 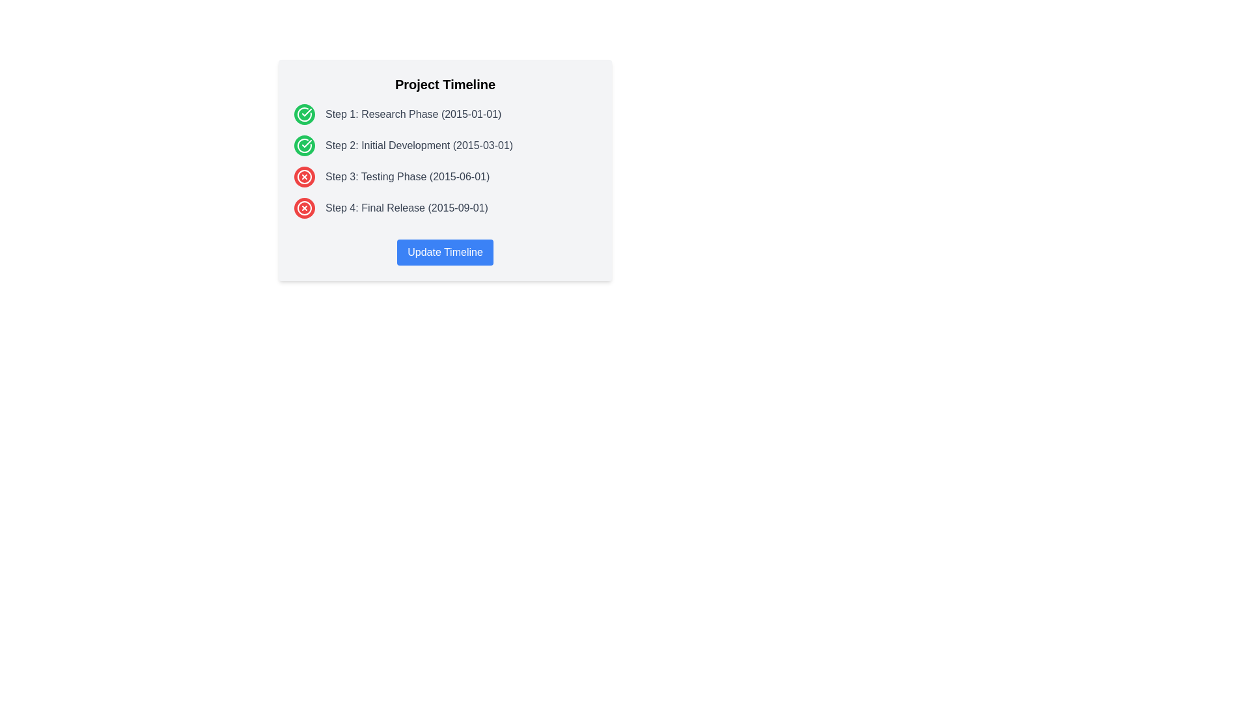 What do you see at coordinates (445, 208) in the screenshot?
I see `the timeline step element marked by a red circular icon with a cross symbol and labeled 'Step 4: Final Release (2015-09-01)', which is the last step in the sequence` at bounding box center [445, 208].